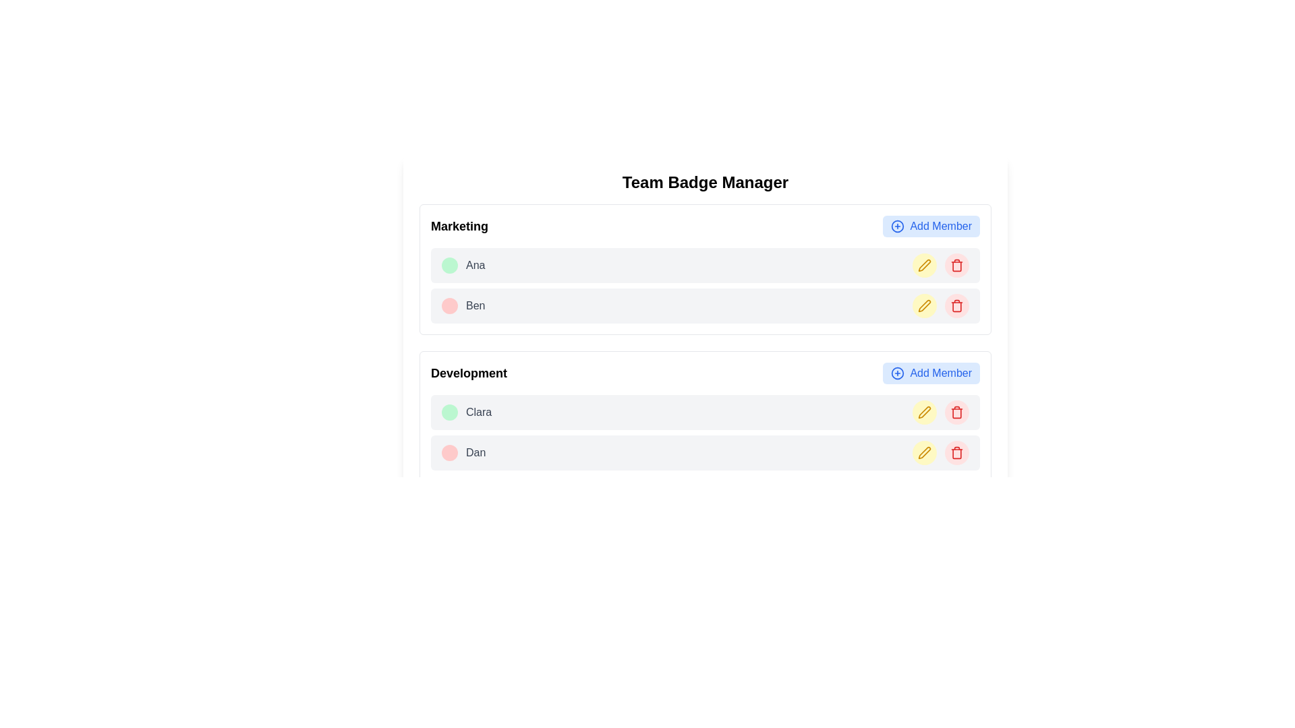 This screenshot has height=728, width=1295. I want to click on the circular red button with a trash can icon located in the 'Development' group next to 'Dan', so click(956, 452).